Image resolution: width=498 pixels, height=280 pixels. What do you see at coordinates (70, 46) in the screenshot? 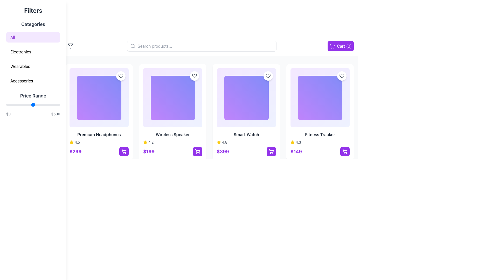
I see `the icon button located in the header section, adjacent to the search bar, to apply or open filters` at bounding box center [70, 46].